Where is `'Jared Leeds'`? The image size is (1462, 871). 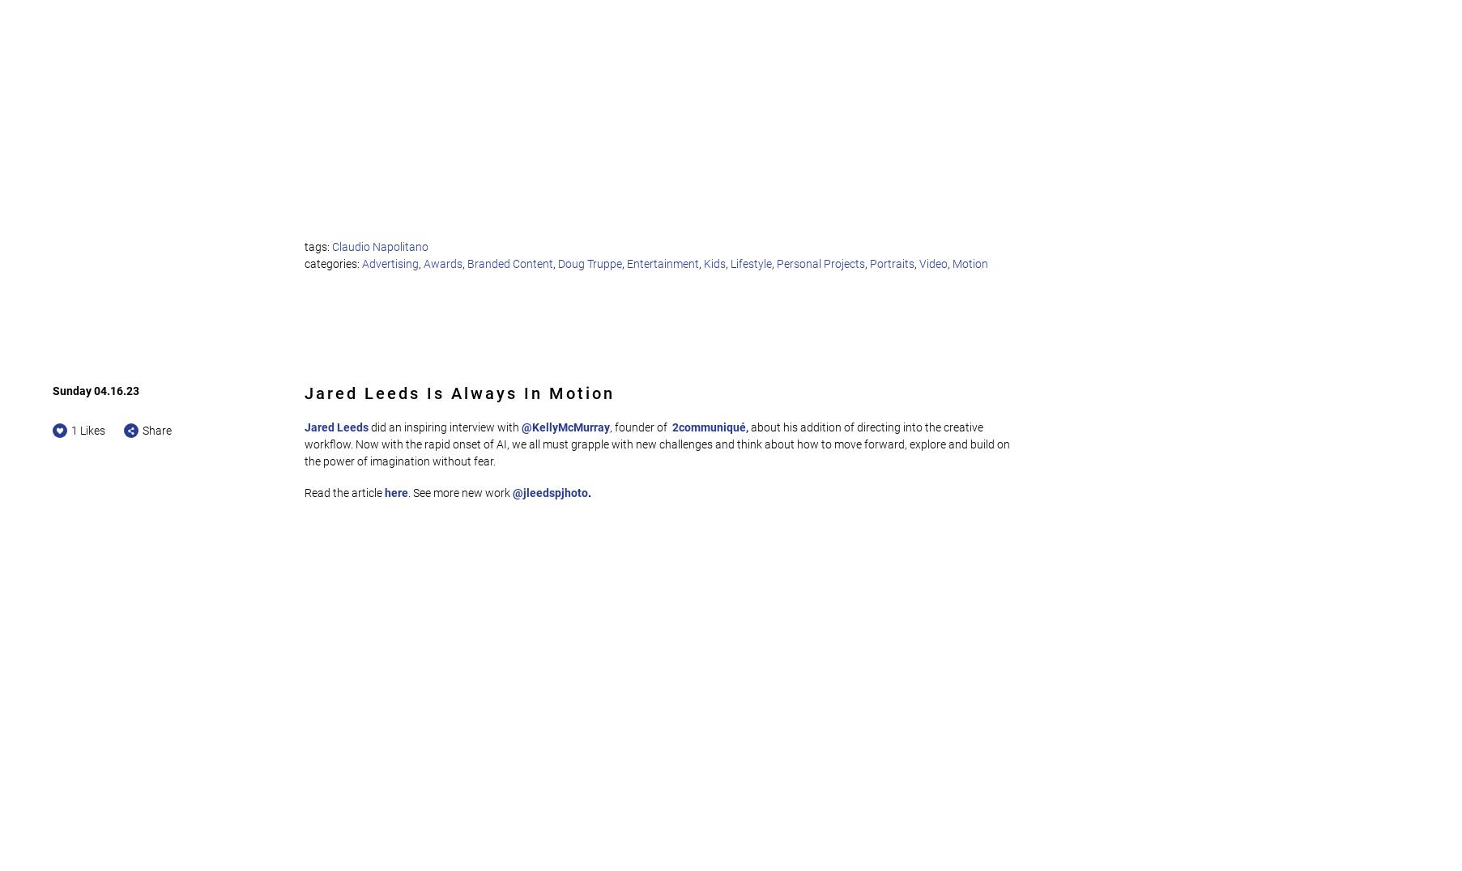 'Jared Leeds' is located at coordinates (336, 427).